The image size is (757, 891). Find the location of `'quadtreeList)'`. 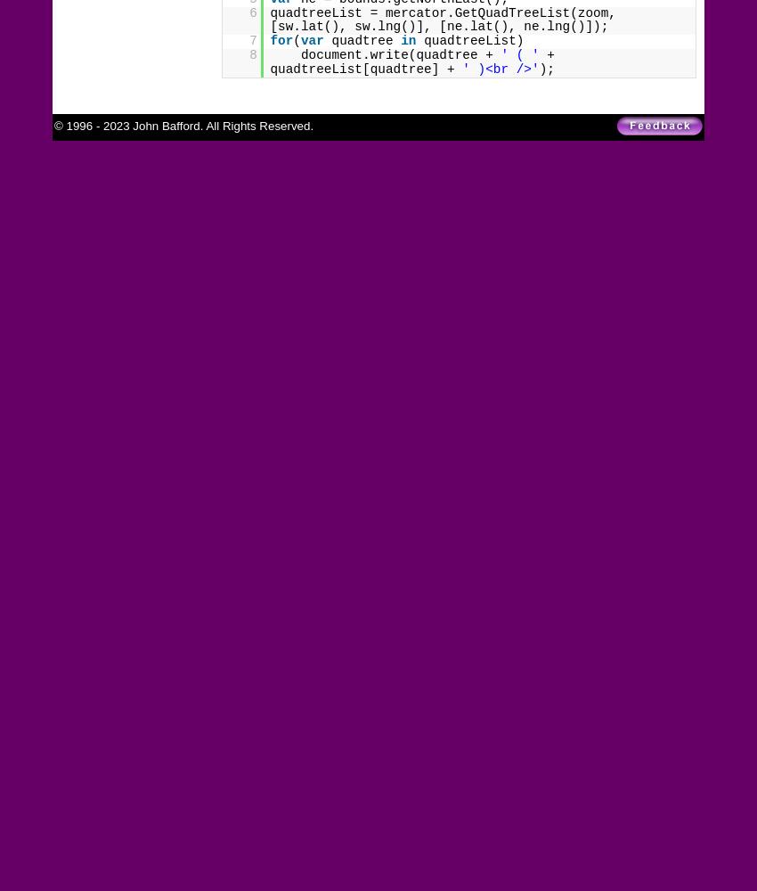

'quadtreeList)' is located at coordinates (473, 41).